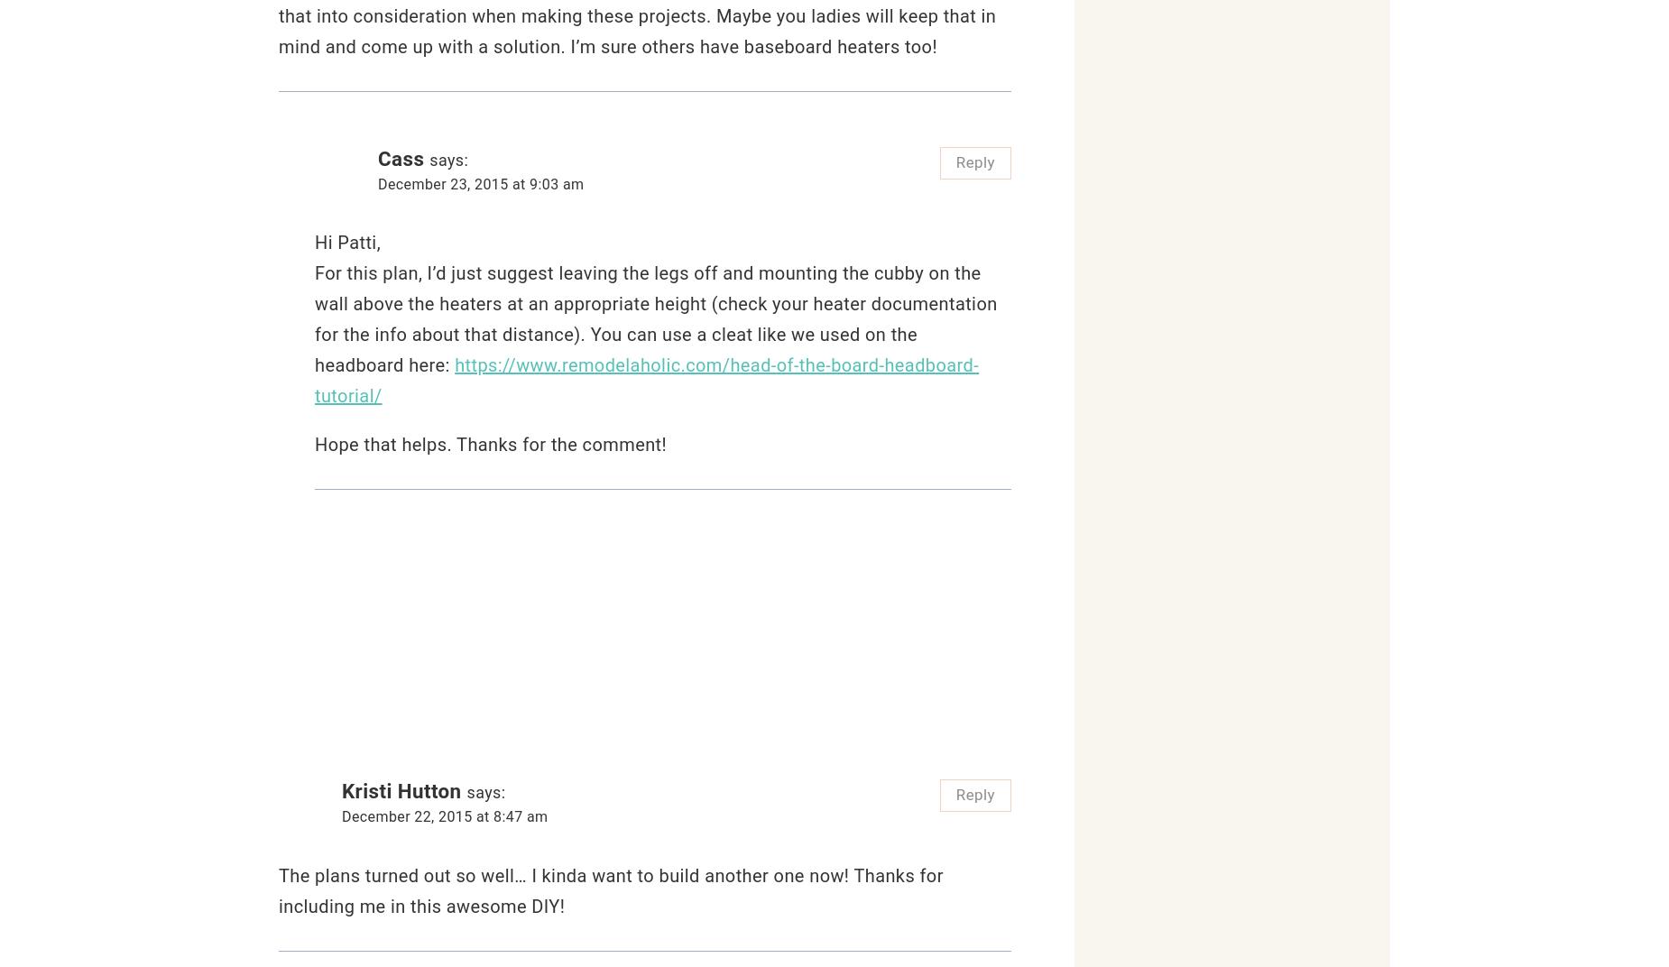 The width and height of the screenshot is (1669, 967). I want to click on 'December 22, 2015 at 8:47 am', so click(445, 816).